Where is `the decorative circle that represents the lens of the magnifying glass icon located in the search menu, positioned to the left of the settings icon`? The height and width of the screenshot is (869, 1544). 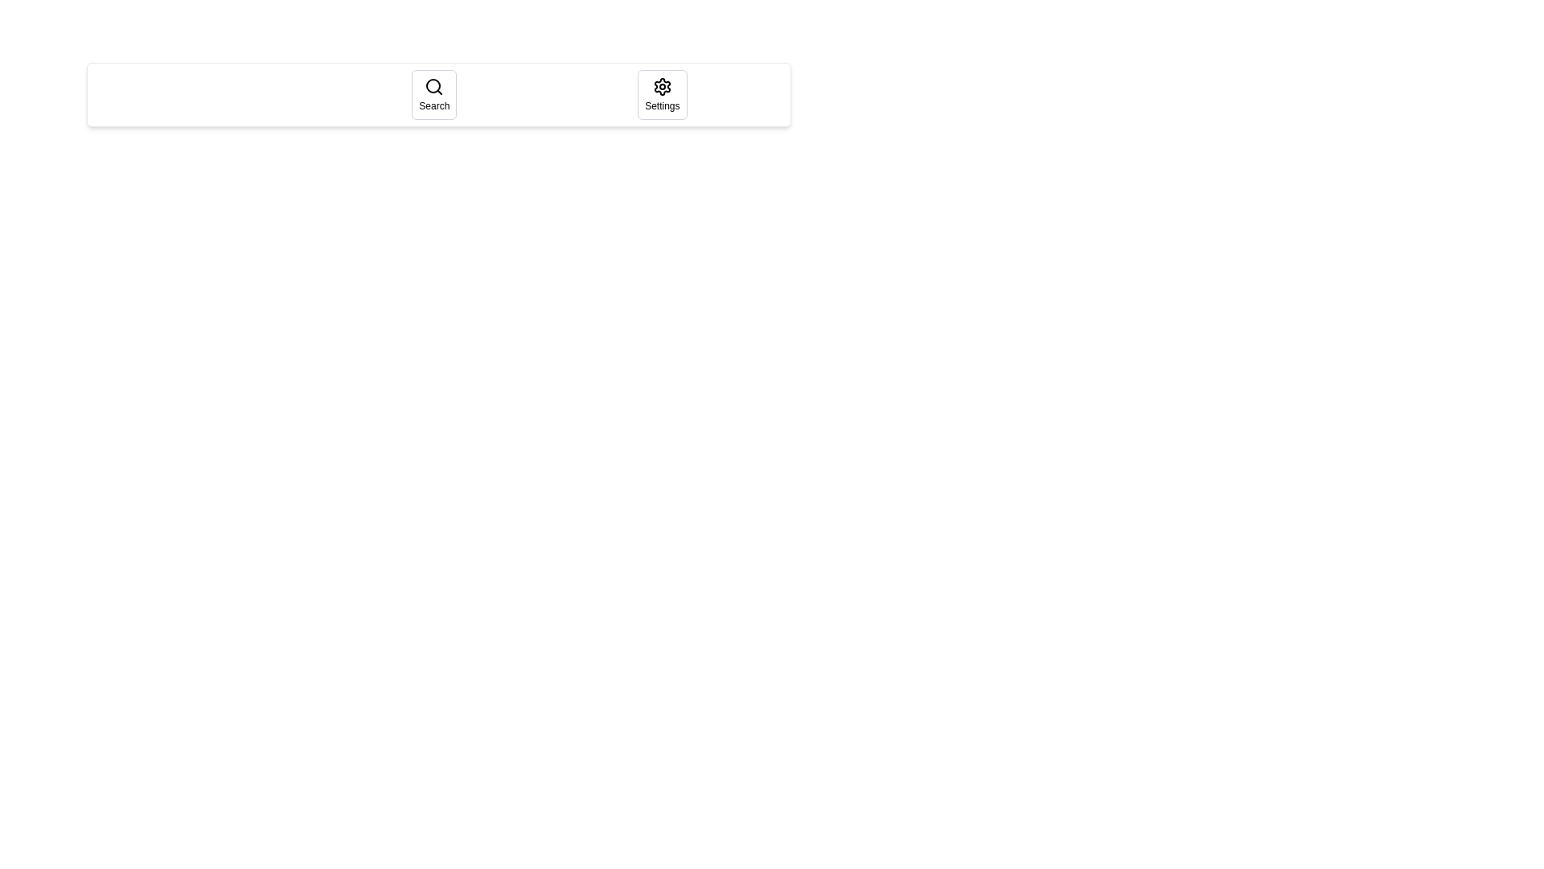 the decorative circle that represents the lens of the magnifying glass icon located in the search menu, positioned to the left of the settings icon is located at coordinates (433, 86).